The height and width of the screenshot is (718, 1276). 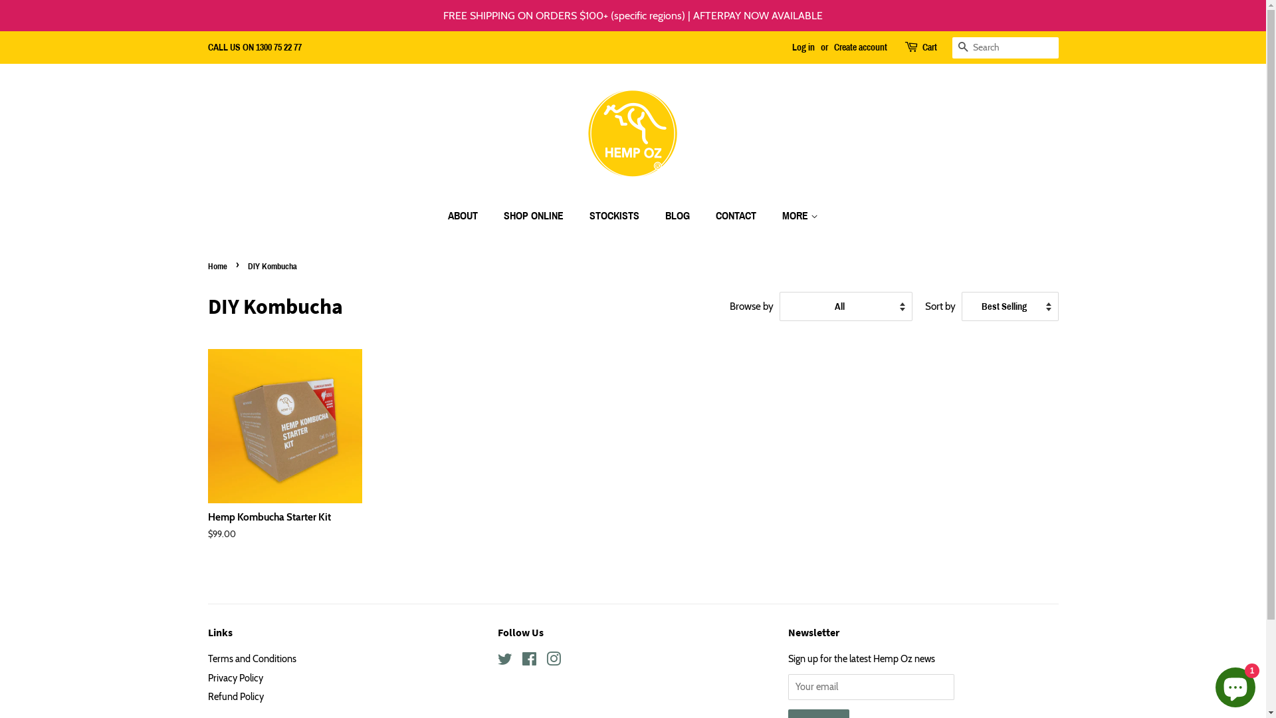 What do you see at coordinates (235, 677) in the screenshot?
I see `'Privacy Policy'` at bounding box center [235, 677].